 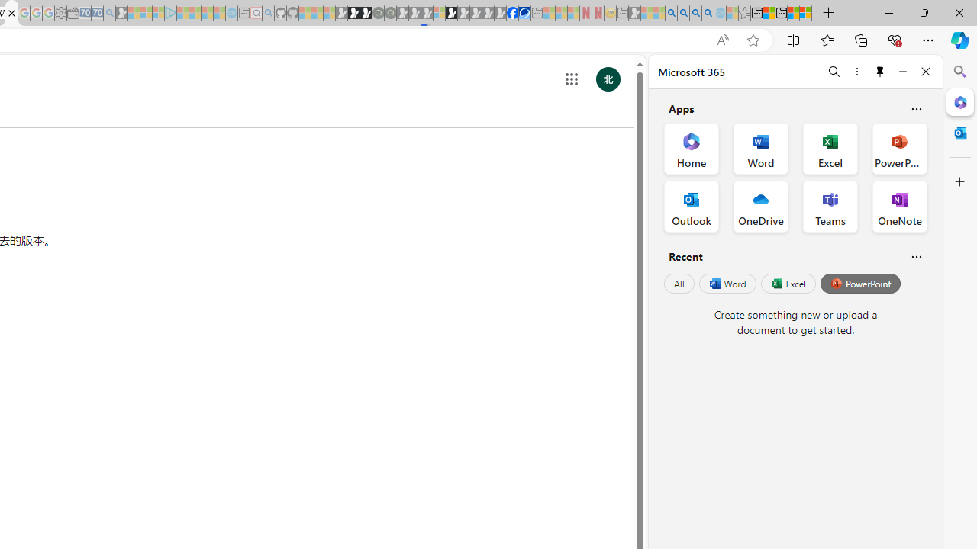 What do you see at coordinates (682, 13) in the screenshot?
I see `'2009 Bing officially replaced Live Search on June 3 - Search'` at bounding box center [682, 13].